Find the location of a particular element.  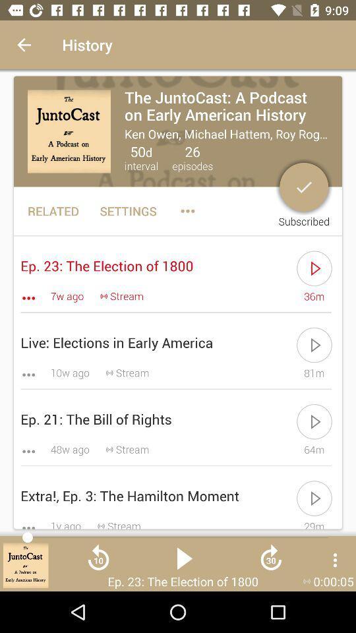

the av_forward icon is located at coordinates (270, 562).